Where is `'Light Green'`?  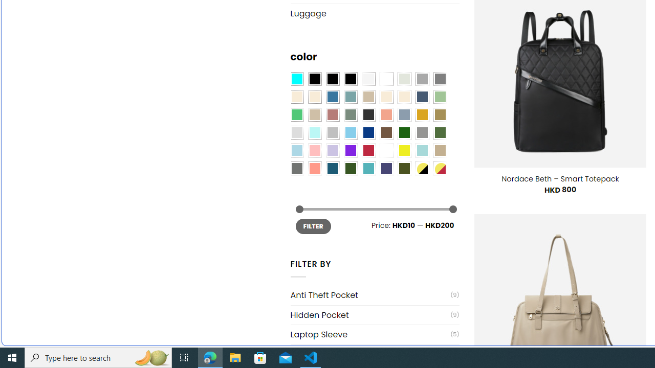
'Light Green' is located at coordinates (440, 97).